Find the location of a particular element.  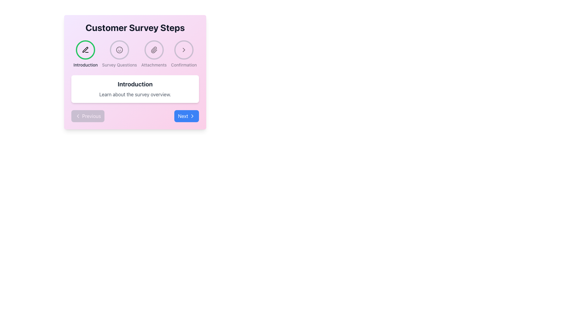

the 'Introduction' text label, which is styled with a small-sized bold font in dark gray color, located directly beneath the pencil icon in the first step of the survey steps navigation bar is located at coordinates (85, 65).